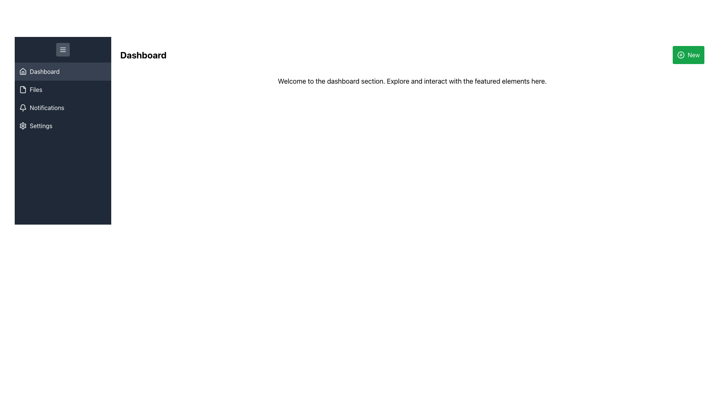  I want to click on the fourth navigation item in the left-side pane of the interface, so click(63, 125).